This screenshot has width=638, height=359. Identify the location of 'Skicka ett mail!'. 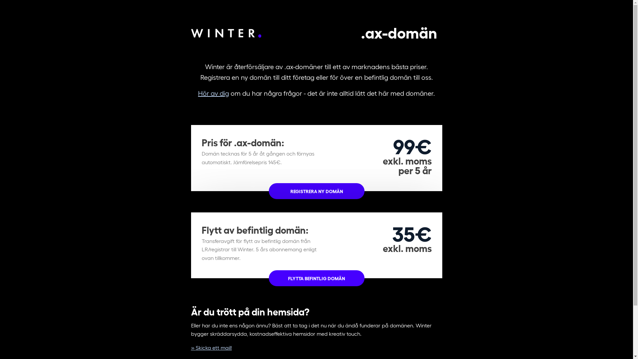
(211, 347).